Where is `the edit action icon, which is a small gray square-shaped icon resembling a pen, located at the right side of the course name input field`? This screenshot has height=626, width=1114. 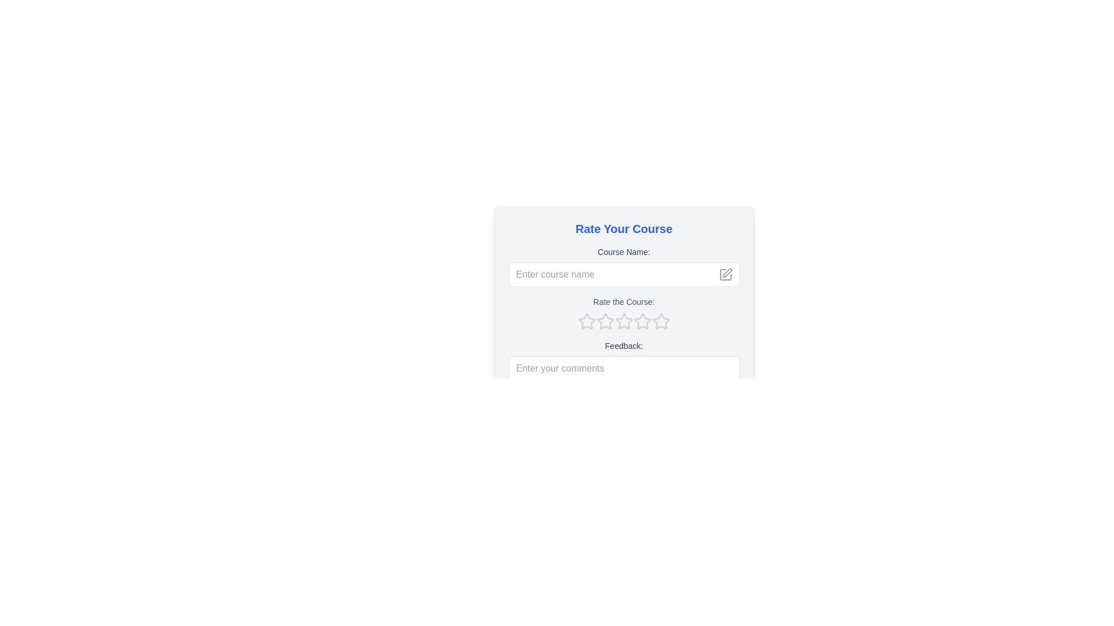
the edit action icon, which is a small gray square-shaped icon resembling a pen, located at the right side of the course name input field is located at coordinates (725, 275).